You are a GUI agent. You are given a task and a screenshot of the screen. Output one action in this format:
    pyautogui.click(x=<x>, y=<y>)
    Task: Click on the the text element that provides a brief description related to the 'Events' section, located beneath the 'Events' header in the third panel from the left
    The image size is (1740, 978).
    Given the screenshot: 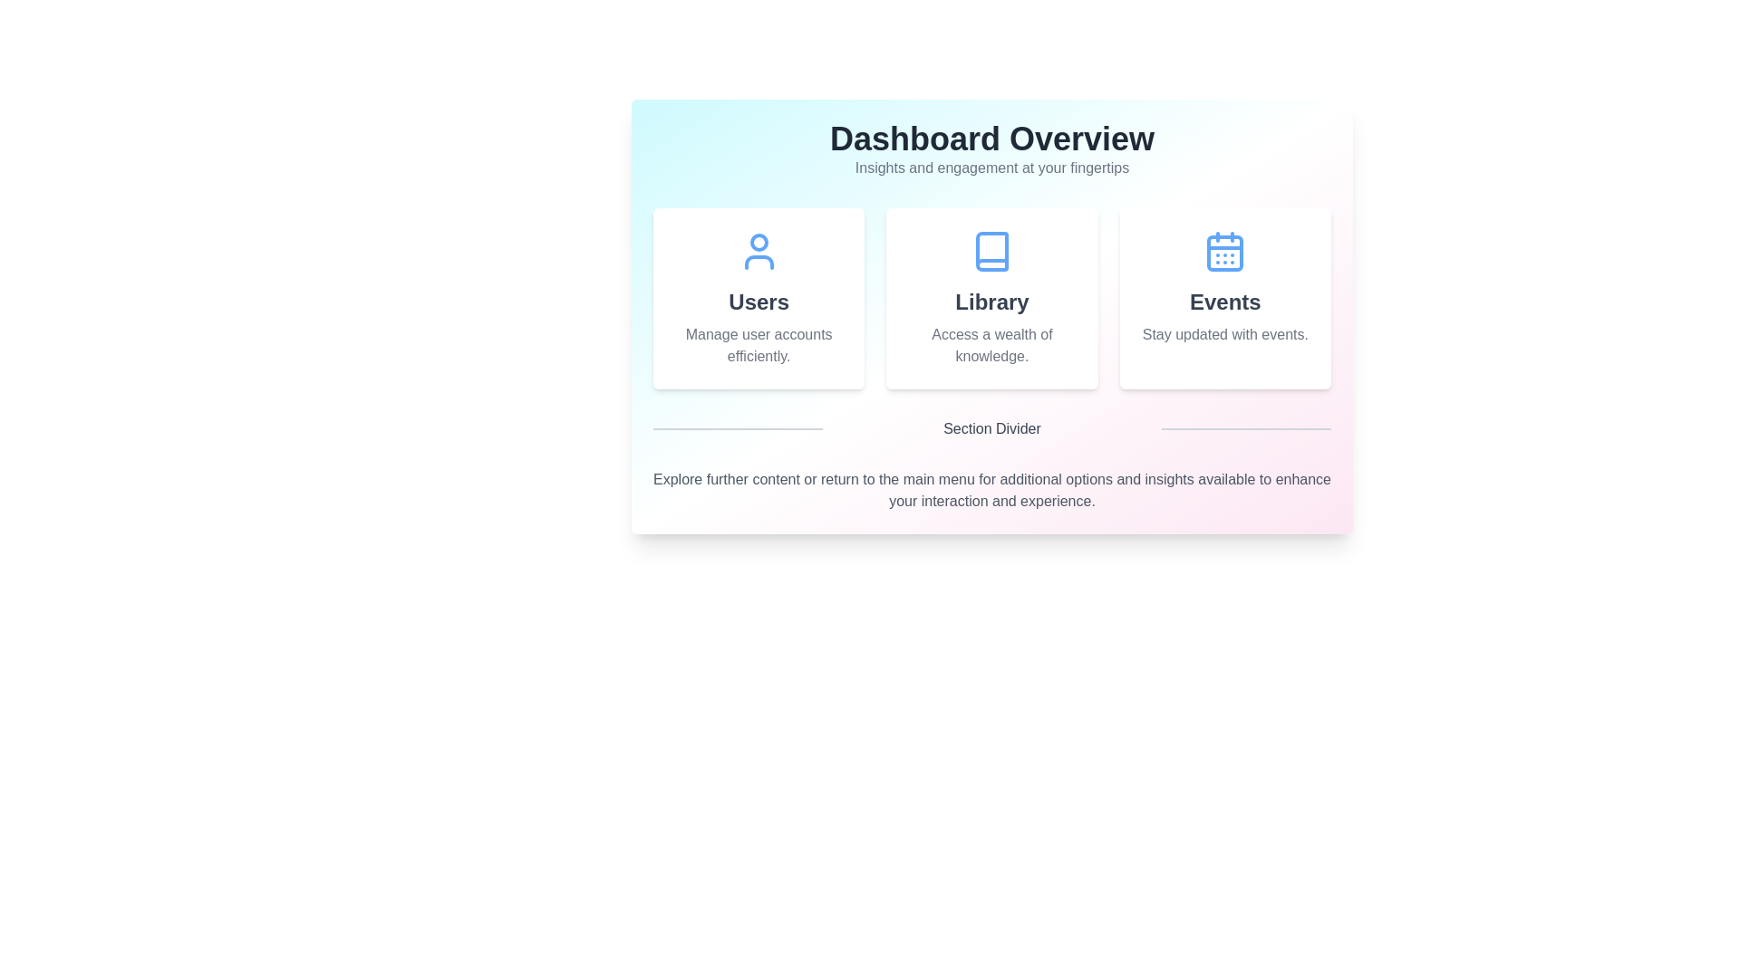 What is the action you would take?
    pyautogui.click(x=1225, y=335)
    